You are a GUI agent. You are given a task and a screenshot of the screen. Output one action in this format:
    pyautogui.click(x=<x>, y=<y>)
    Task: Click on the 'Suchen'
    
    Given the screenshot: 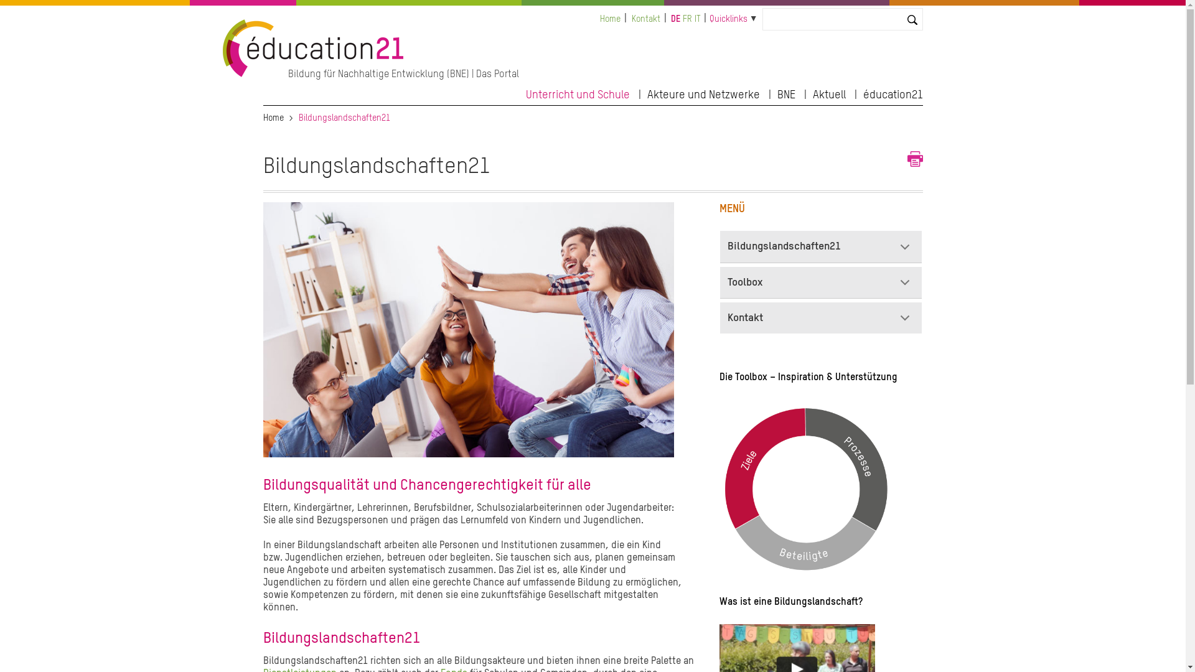 What is the action you would take?
    pyautogui.click(x=21, y=11)
    